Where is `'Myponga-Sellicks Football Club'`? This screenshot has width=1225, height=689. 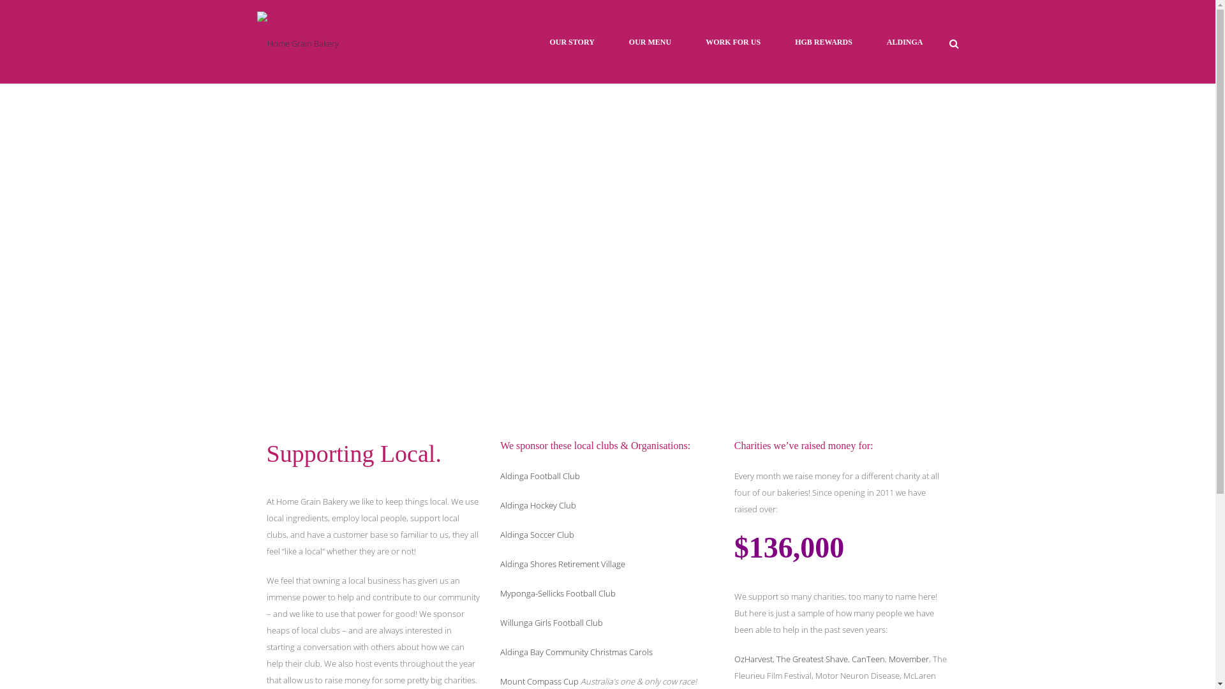
'Myponga-Sellicks Football Club' is located at coordinates (558, 593).